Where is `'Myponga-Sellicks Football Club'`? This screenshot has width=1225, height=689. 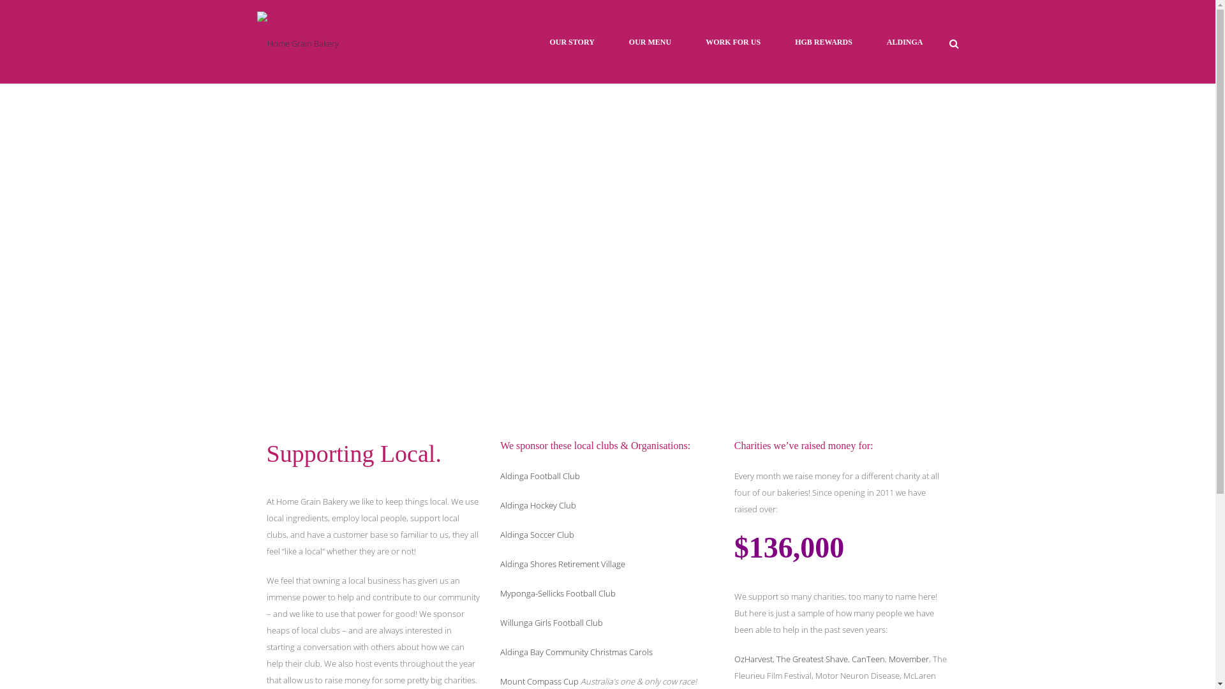
'Myponga-Sellicks Football Club' is located at coordinates (558, 593).